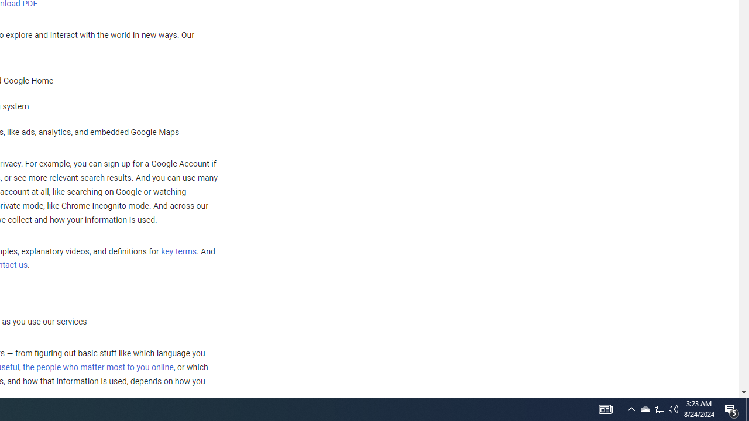 This screenshot has width=749, height=421. What do you see at coordinates (98, 367) in the screenshot?
I see `'the people who matter most to you online'` at bounding box center [98, 367].